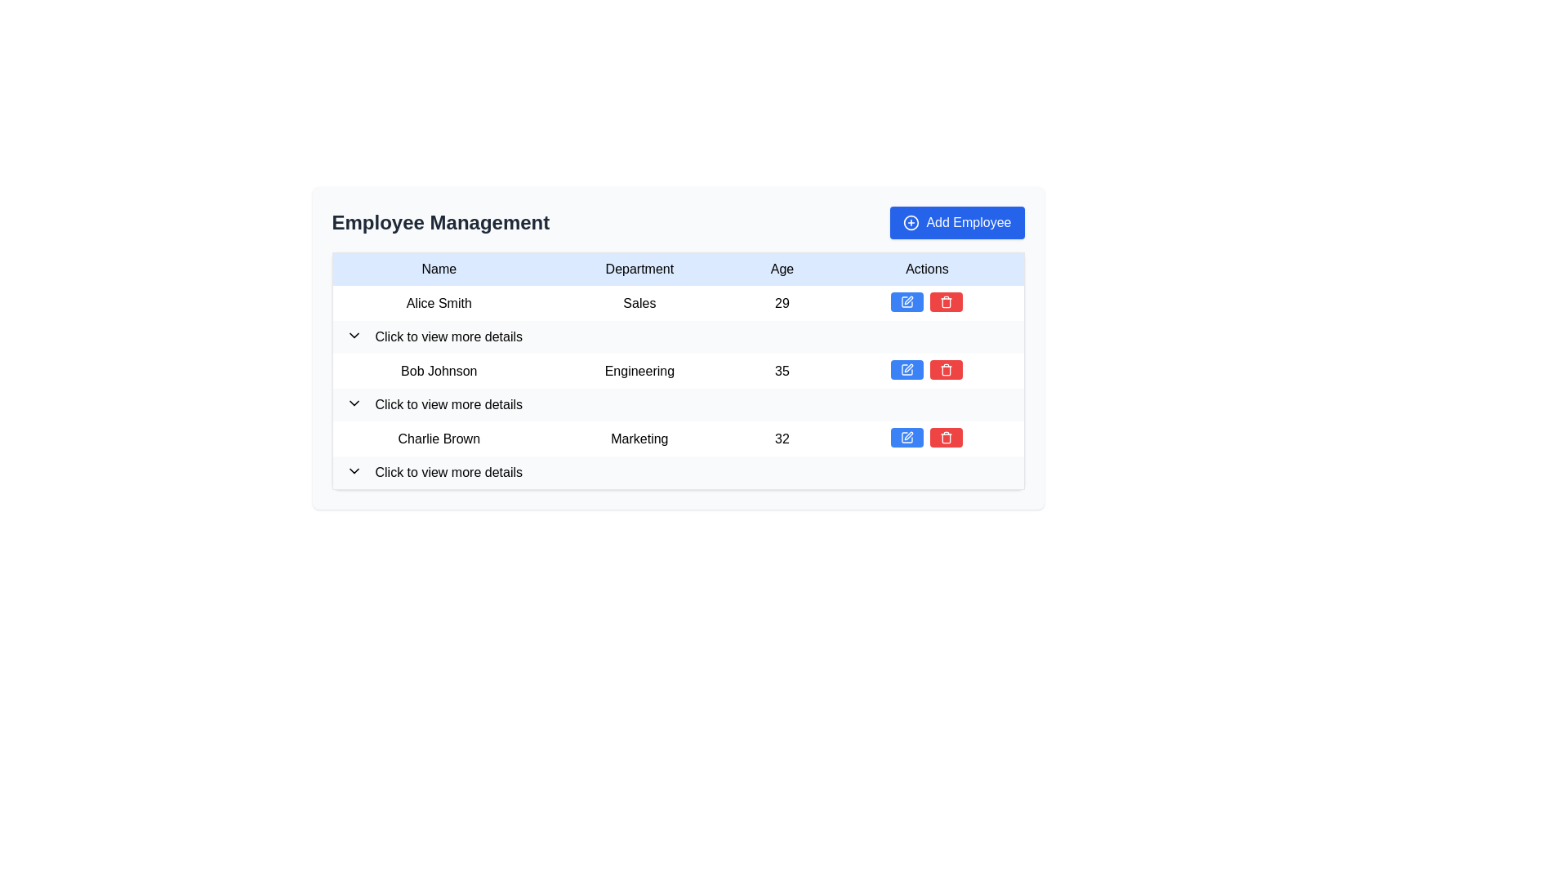 The width and height of the screenshot is (1568, 882). Describe the element at coordinates (782, 303) in the screenshot. I see `the text field displaying the number '29' in the 'Age' column for the row corresponding to 'Alice Smith'` at that location.